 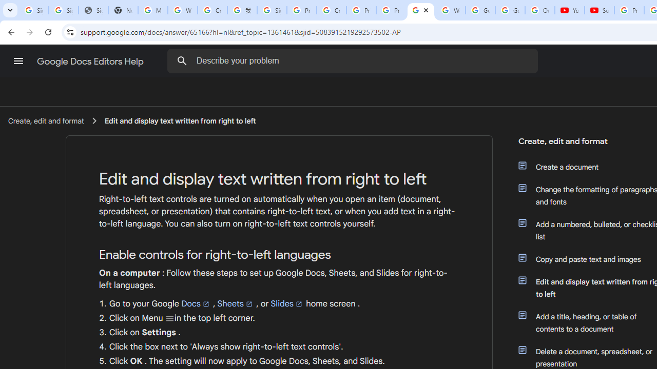 What do you see at coordinates (196, 303) in the screenshot?
I see `'Docs'` at bounding box center [196, 303].